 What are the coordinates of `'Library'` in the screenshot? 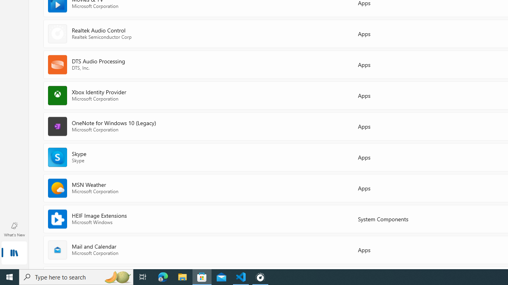 It's located at (14, 253).